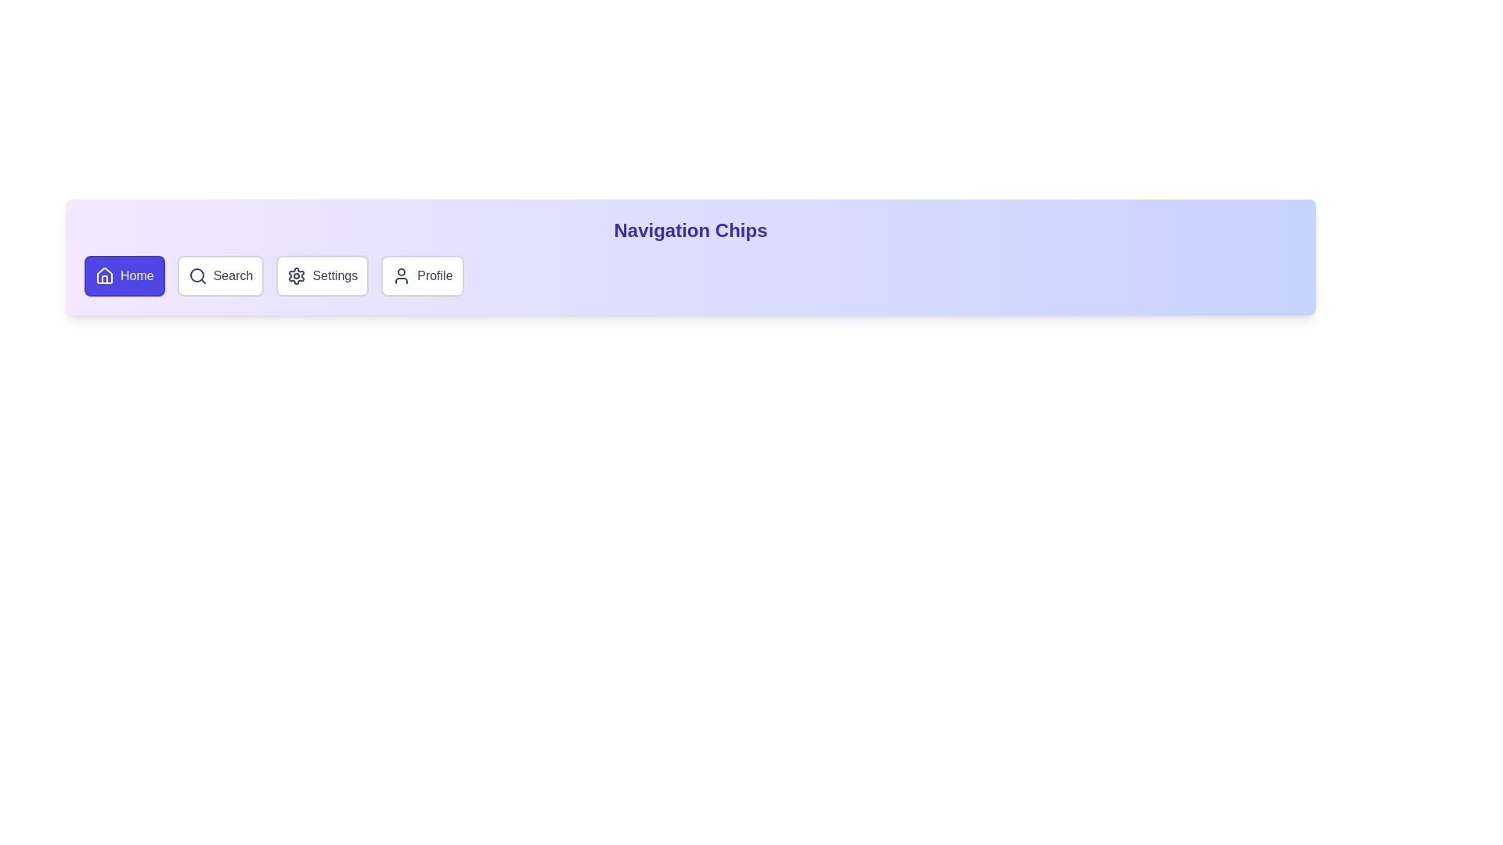 Image resolution: width=1503 pixels, height=845 pixels. Describe the element at coordinates (196, 275) in the screenshot. I see `the icon of the chip labeled Search to activate it` at that location.